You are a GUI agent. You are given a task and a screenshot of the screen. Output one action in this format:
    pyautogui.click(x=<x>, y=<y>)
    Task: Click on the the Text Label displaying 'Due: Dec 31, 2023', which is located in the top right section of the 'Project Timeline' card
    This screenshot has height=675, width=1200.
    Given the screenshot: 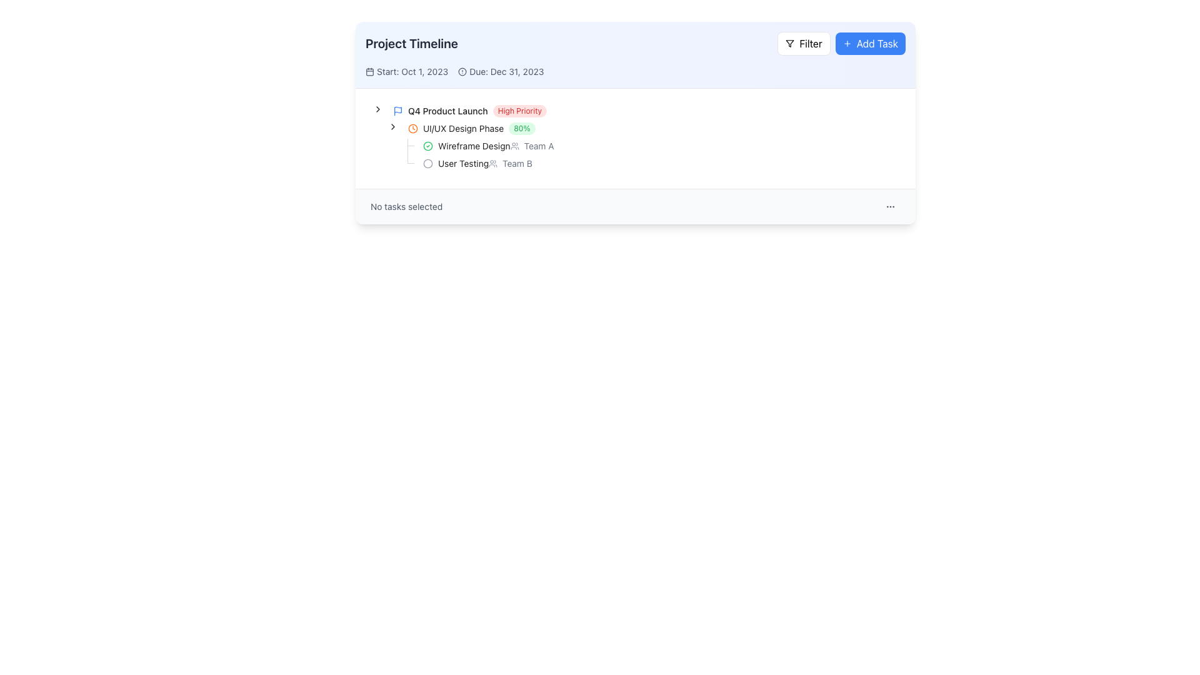 What is the action you would take?
    pyautogui.click(x=506, y=72)
    